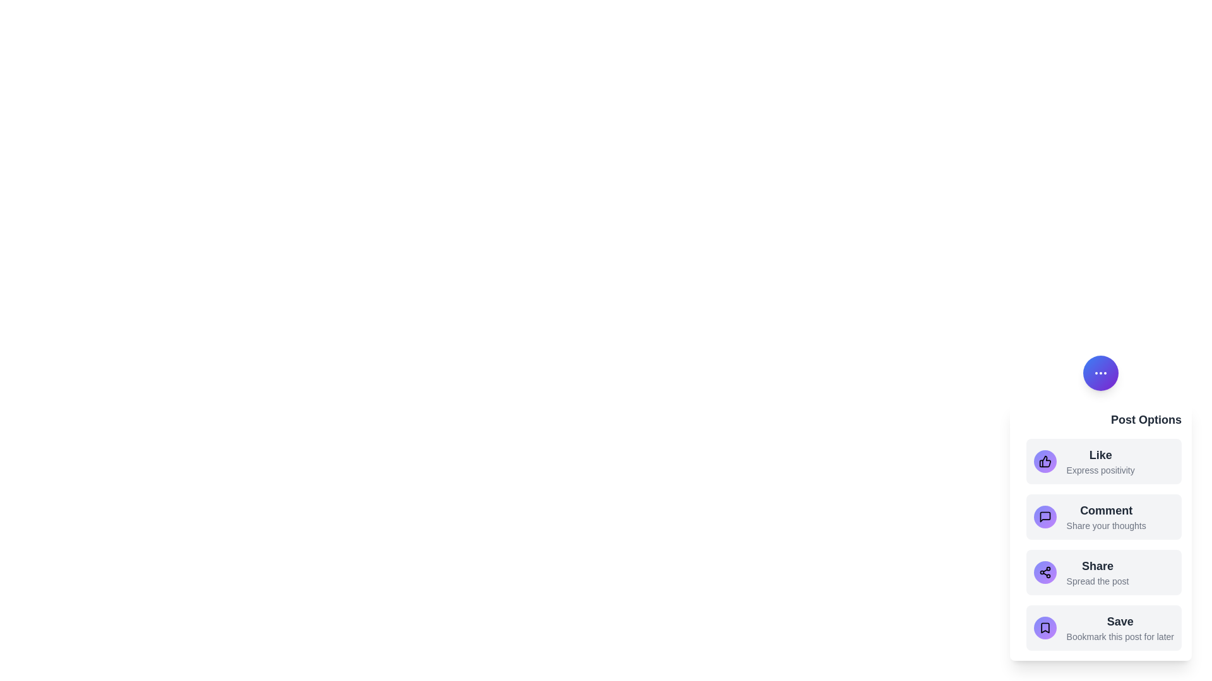 The height and width of the screenshot is (681, 1212). What do you see at coordinates (1100, 372) in the screenshot?
I see `the speed dial button to toggle the menu` at bounding box center [1100, 372].